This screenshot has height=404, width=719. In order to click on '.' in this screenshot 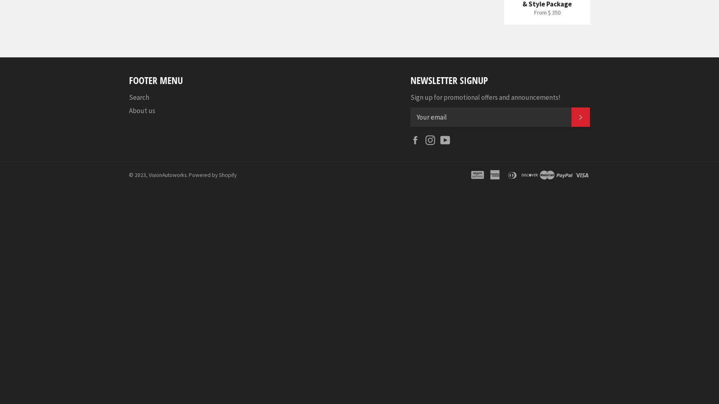, I will do `click(187, 175)`.